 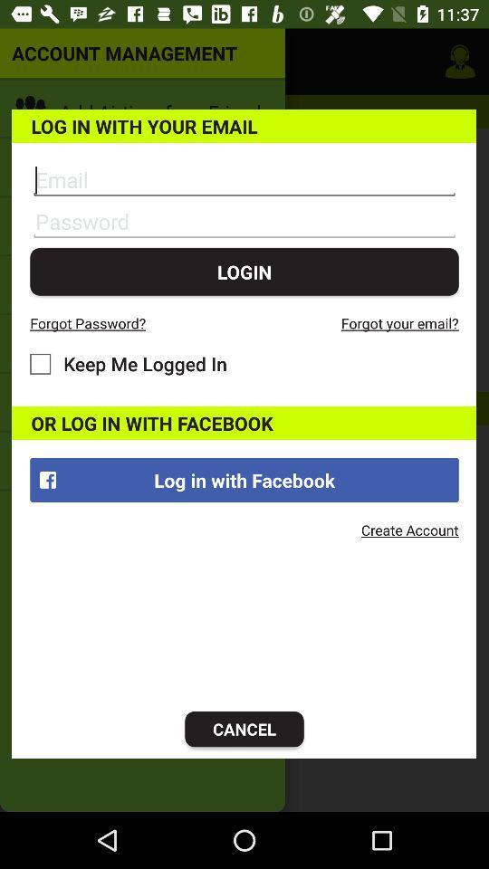 I want to click on icon at the bottom, so click(x=244, y=729).